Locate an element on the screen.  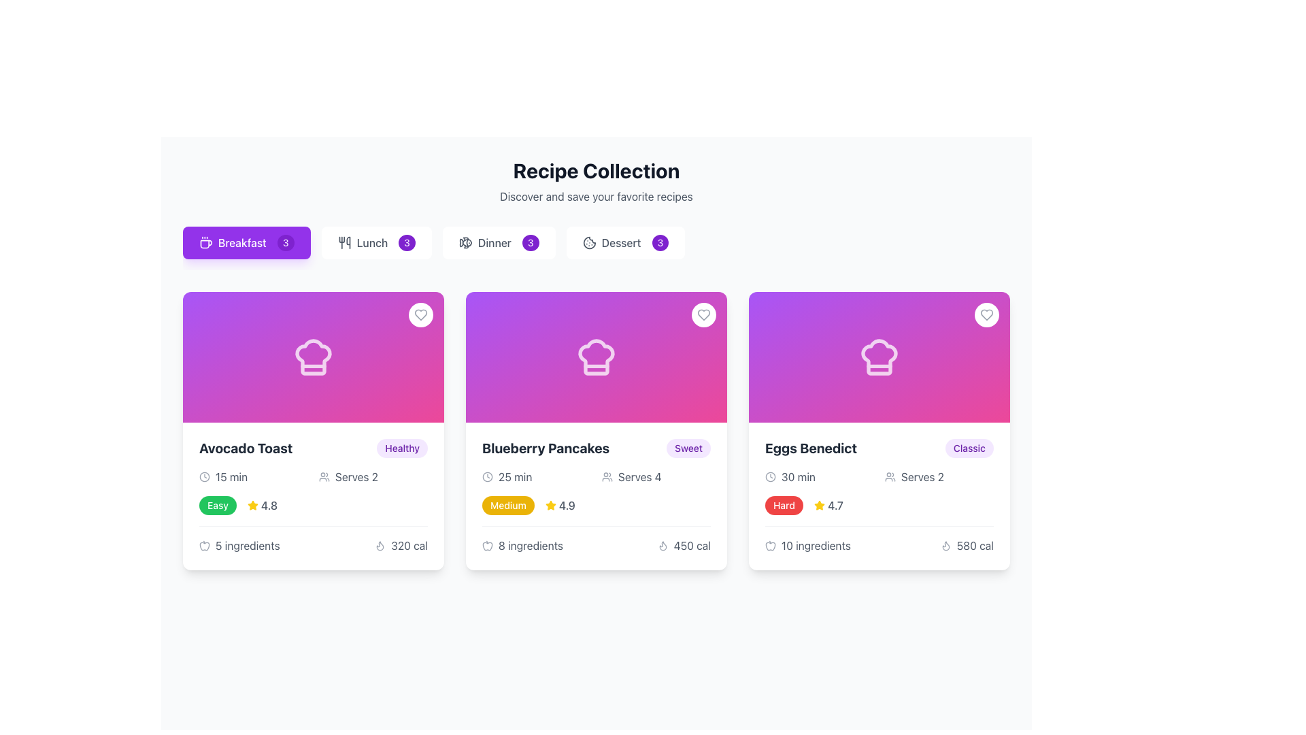
text from the label that says 'Blueberry Pancakes', which is styled in bold and dark gray, located inside the second recipe card above the smaller label 'Sweet' is located at coordinates (546, 448).